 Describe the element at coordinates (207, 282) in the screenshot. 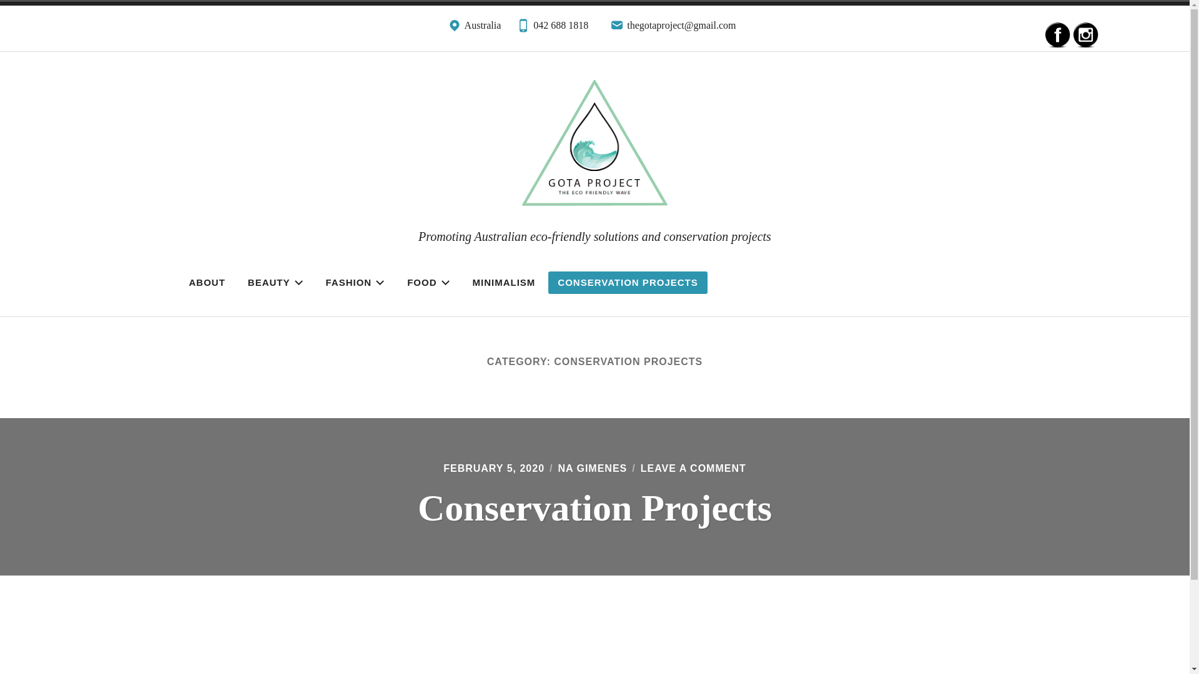

I see `'ABOUT'` at that location.